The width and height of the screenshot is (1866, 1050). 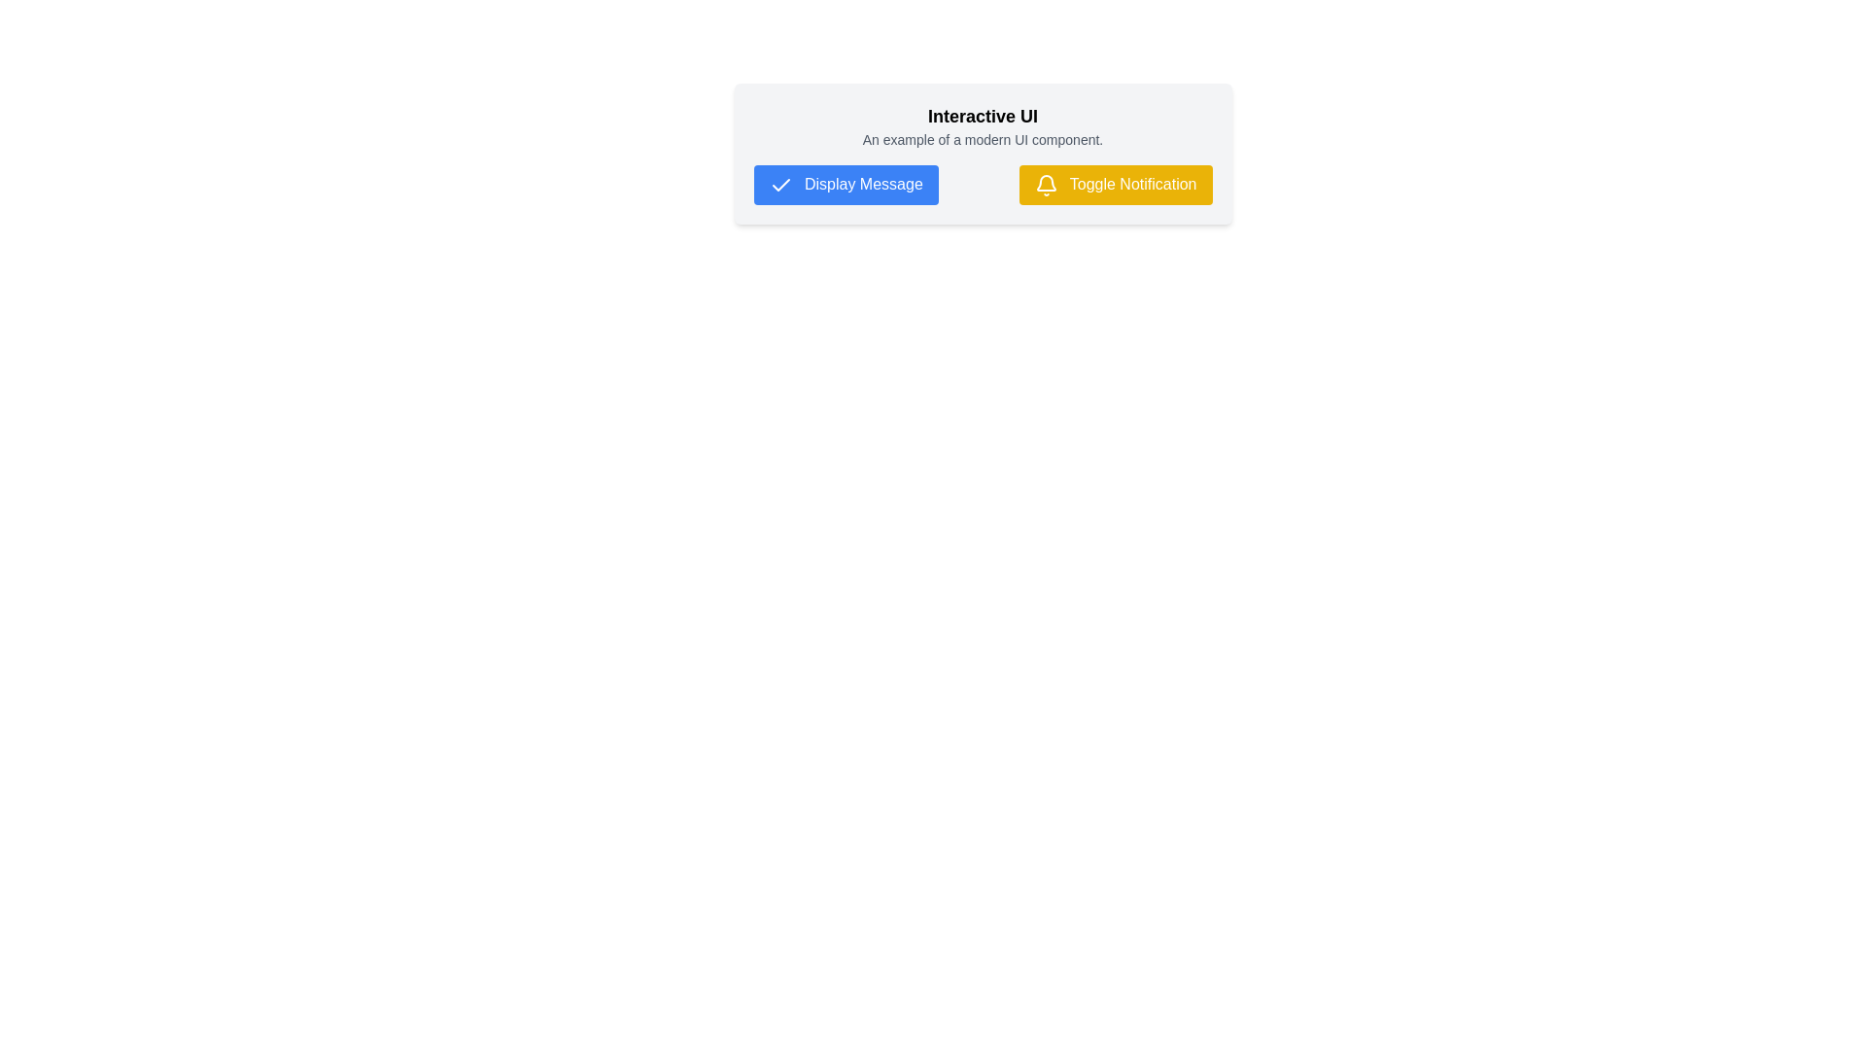 What do you see at coordinates (983, 126) in the screenshot?
I see `the Static Text Display that contains the bold text 'Interactive UI' and the subordinate text 'An example of a modern UI component.'` at bounding box center [983, 126].